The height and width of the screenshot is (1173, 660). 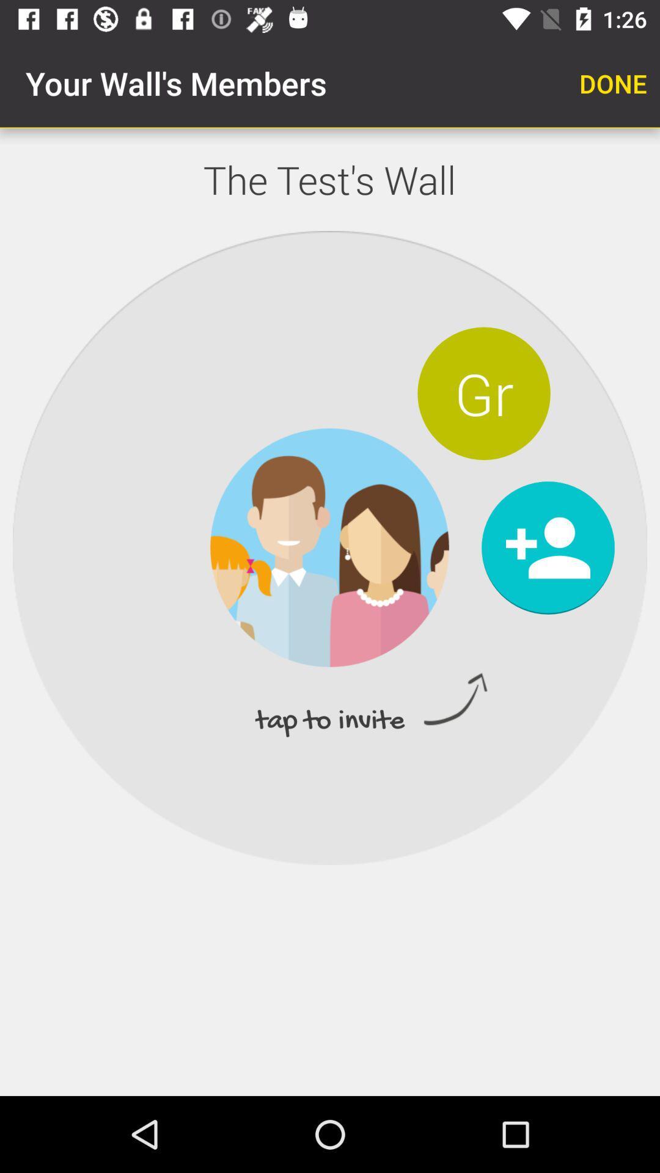 What do you see at coordinates (613, 82) in the screenshot?
I see `done item` at bounding box center [613, 82].